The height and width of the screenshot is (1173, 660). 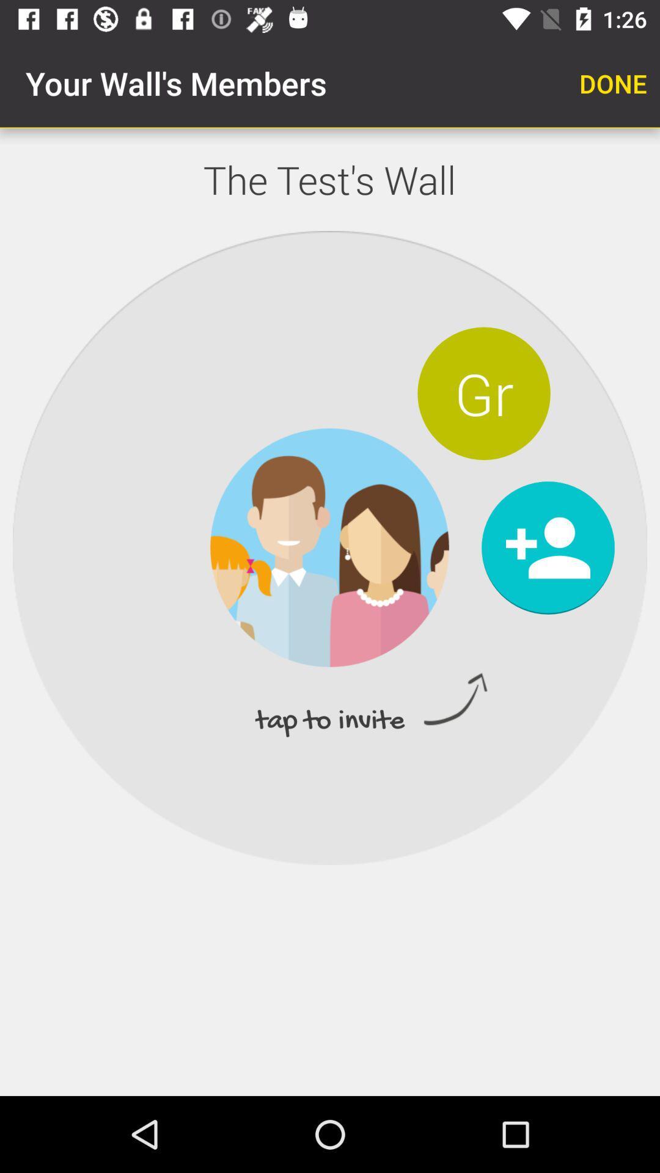 What do you see at coordinates (613, 82) in the screenshot?
I see `done item` at bounding box center [613, 82].